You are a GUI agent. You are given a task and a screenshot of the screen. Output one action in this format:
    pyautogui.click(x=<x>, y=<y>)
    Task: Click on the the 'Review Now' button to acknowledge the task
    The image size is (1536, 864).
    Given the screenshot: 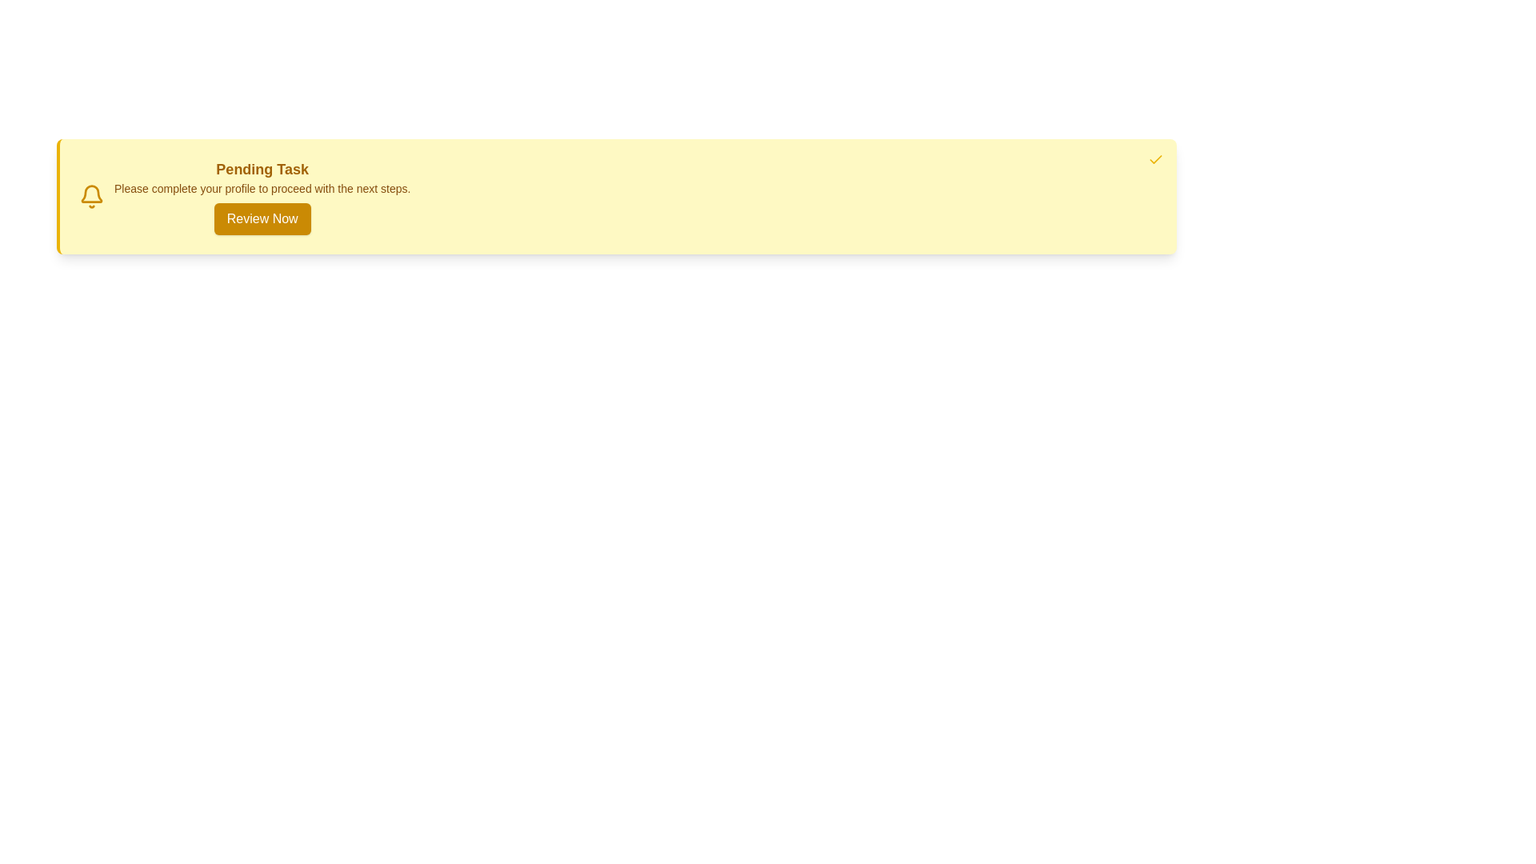 What is the action you would take?
    pyautogui.click(x=262, y=218)
    